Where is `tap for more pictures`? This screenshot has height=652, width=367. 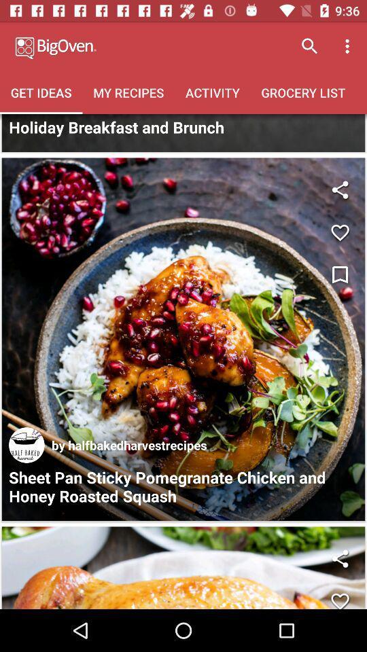 tap for more pictures is located at coordinates (183, 133).